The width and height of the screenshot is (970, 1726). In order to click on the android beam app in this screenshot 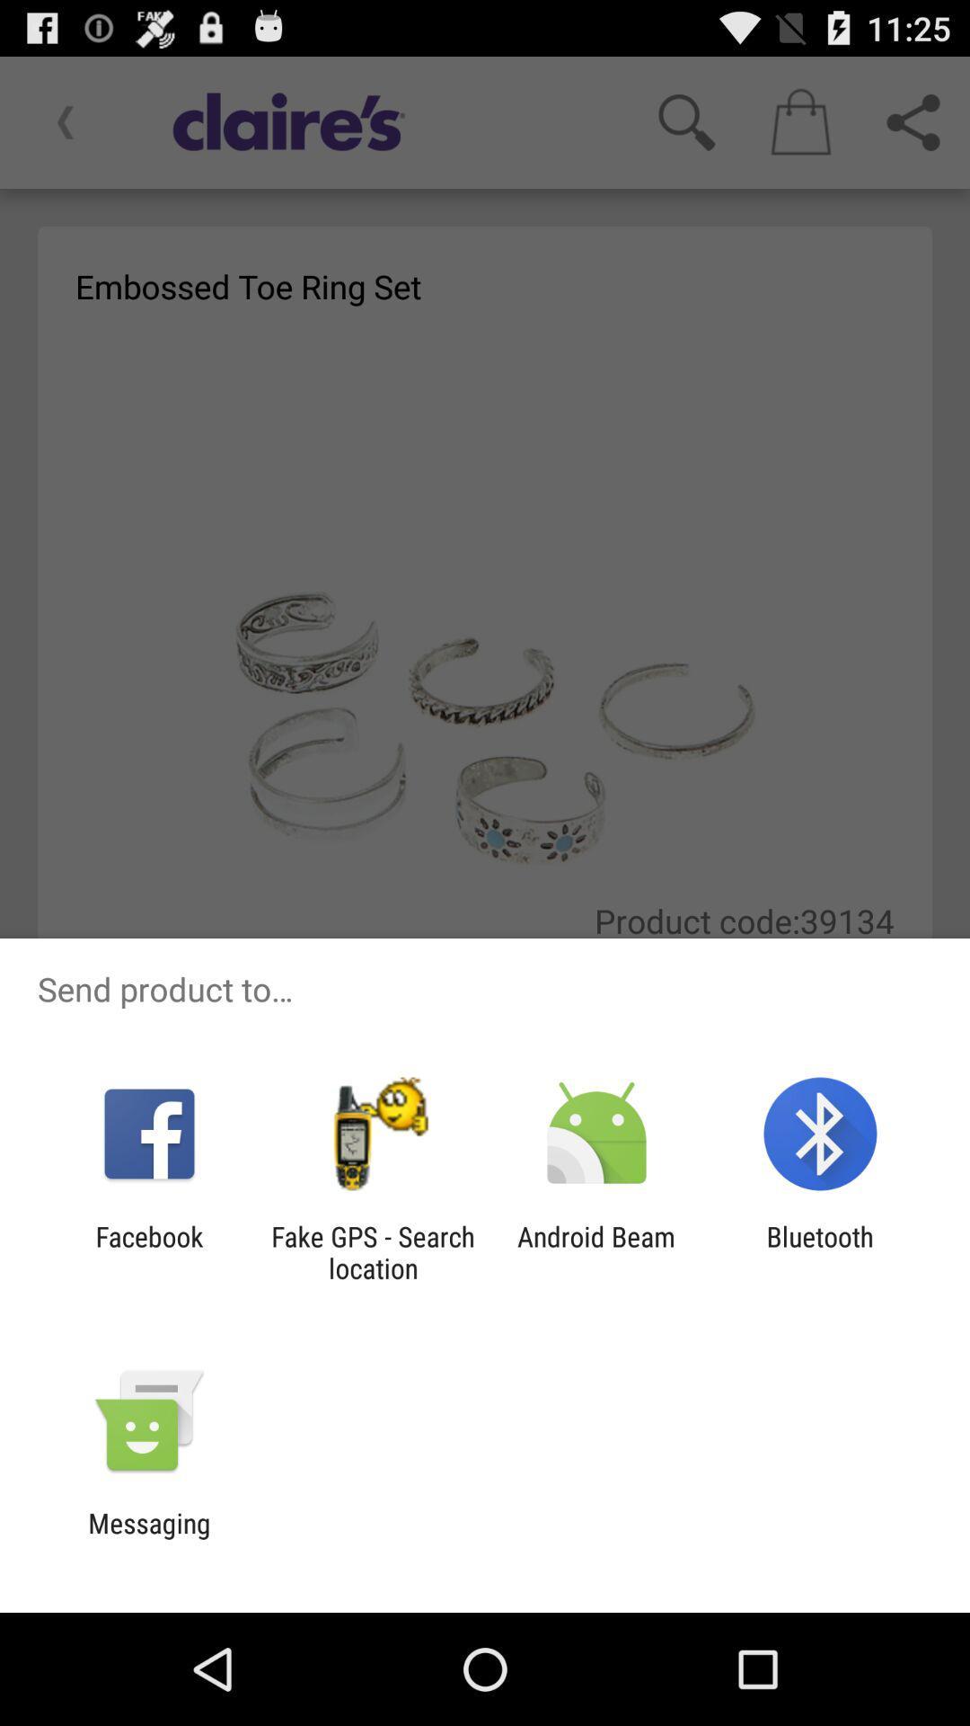, I will do `click(596, 1251)`.